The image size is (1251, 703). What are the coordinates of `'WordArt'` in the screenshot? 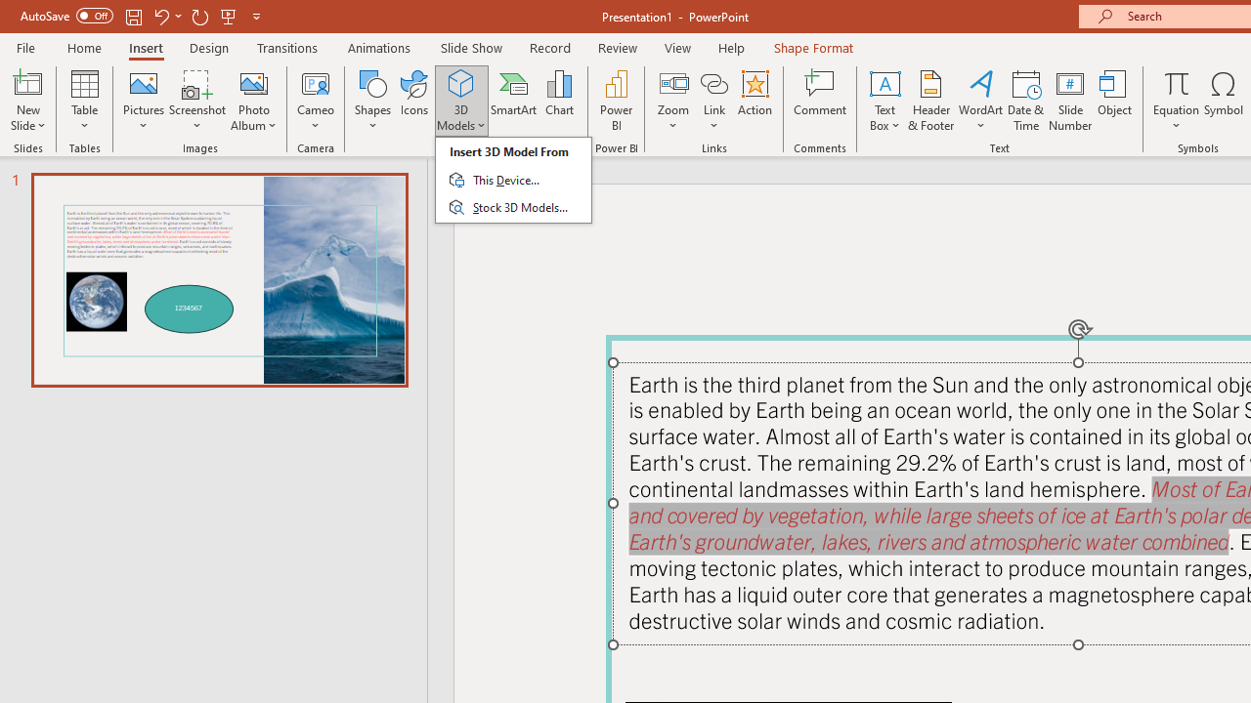 It's located at (981, 101).